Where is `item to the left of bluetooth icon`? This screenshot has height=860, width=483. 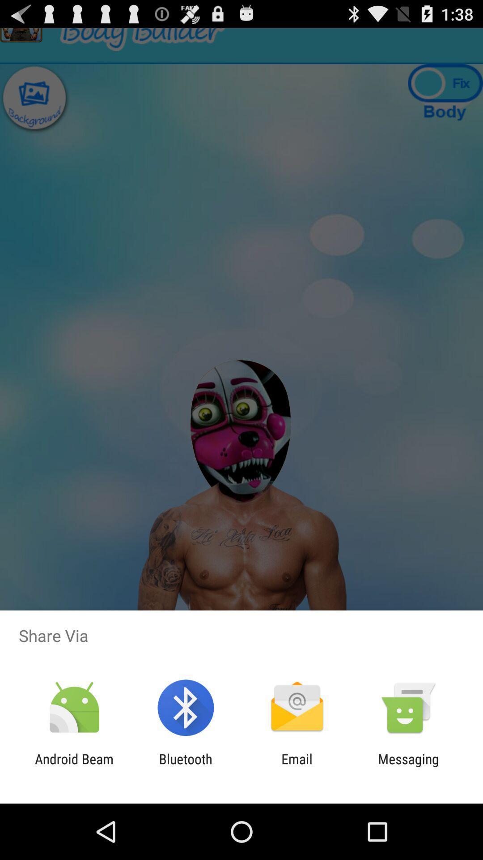
item to the left of bluetooth icon is located at coordinates (74, 766).